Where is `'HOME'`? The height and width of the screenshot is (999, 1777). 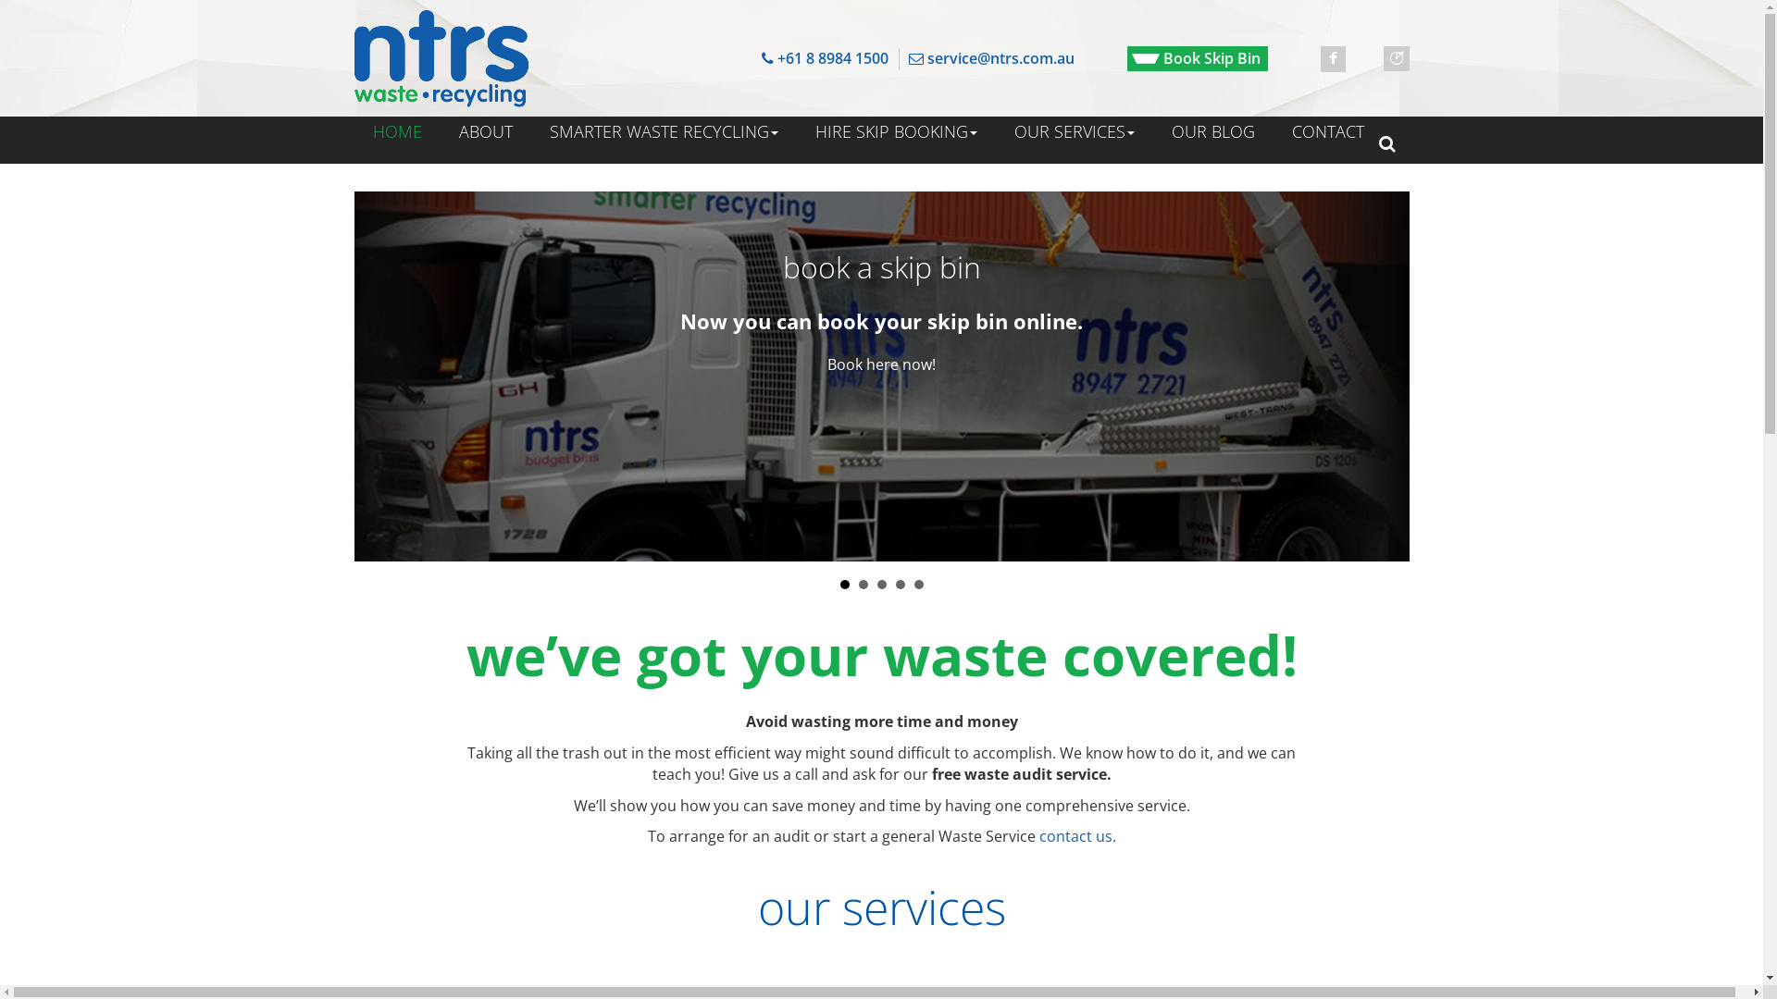
'HOME' is located at coordinates (395, 130).